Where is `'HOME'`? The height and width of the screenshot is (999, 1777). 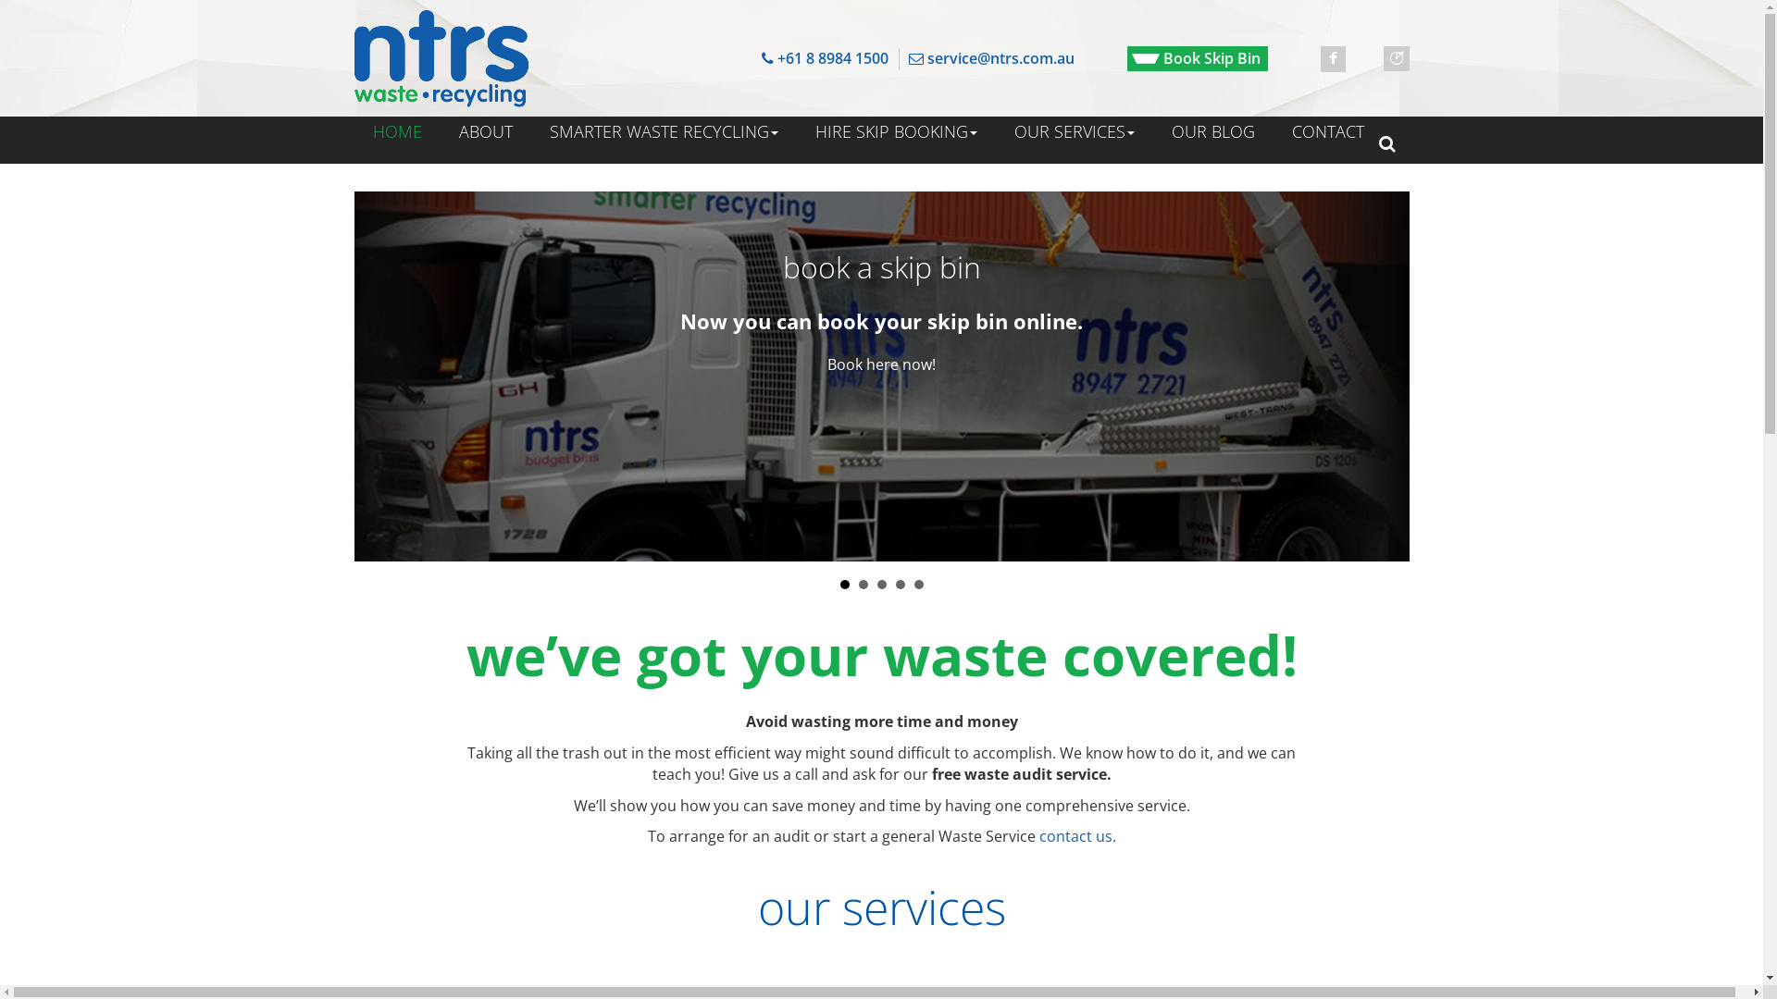
'HOME' is located at coordinates (395, 130).